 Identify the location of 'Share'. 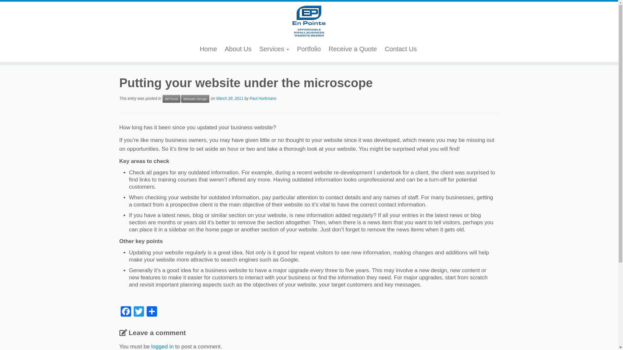
(151, 311).